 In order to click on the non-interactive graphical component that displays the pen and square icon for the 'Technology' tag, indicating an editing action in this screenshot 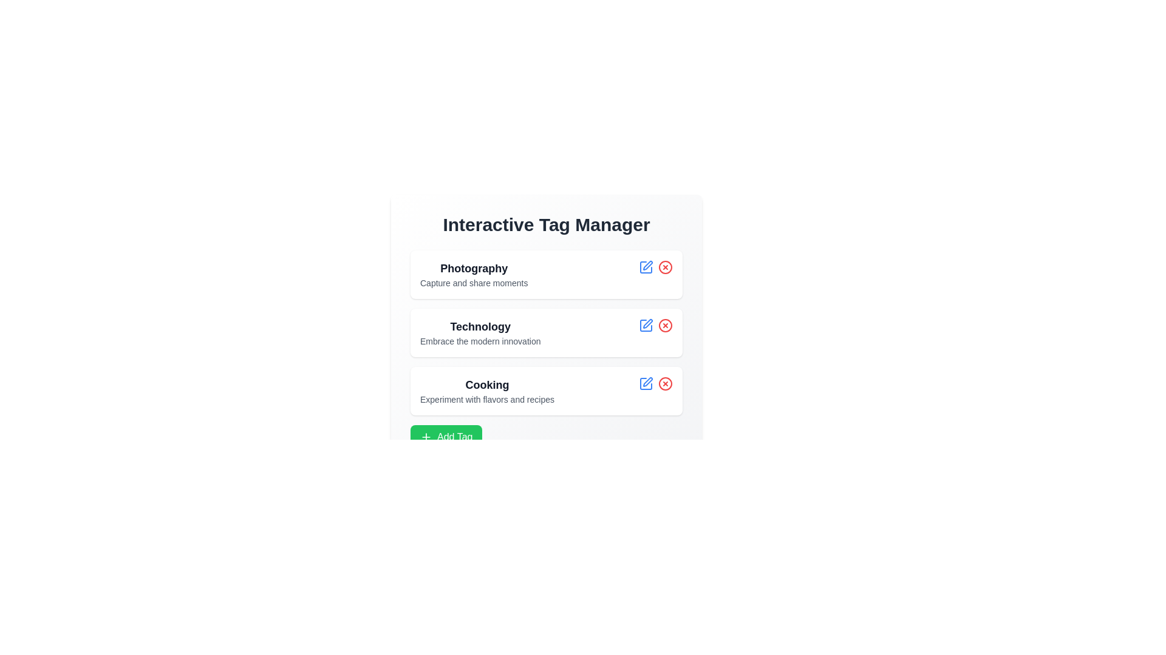, I will do `click(646, 266)`.